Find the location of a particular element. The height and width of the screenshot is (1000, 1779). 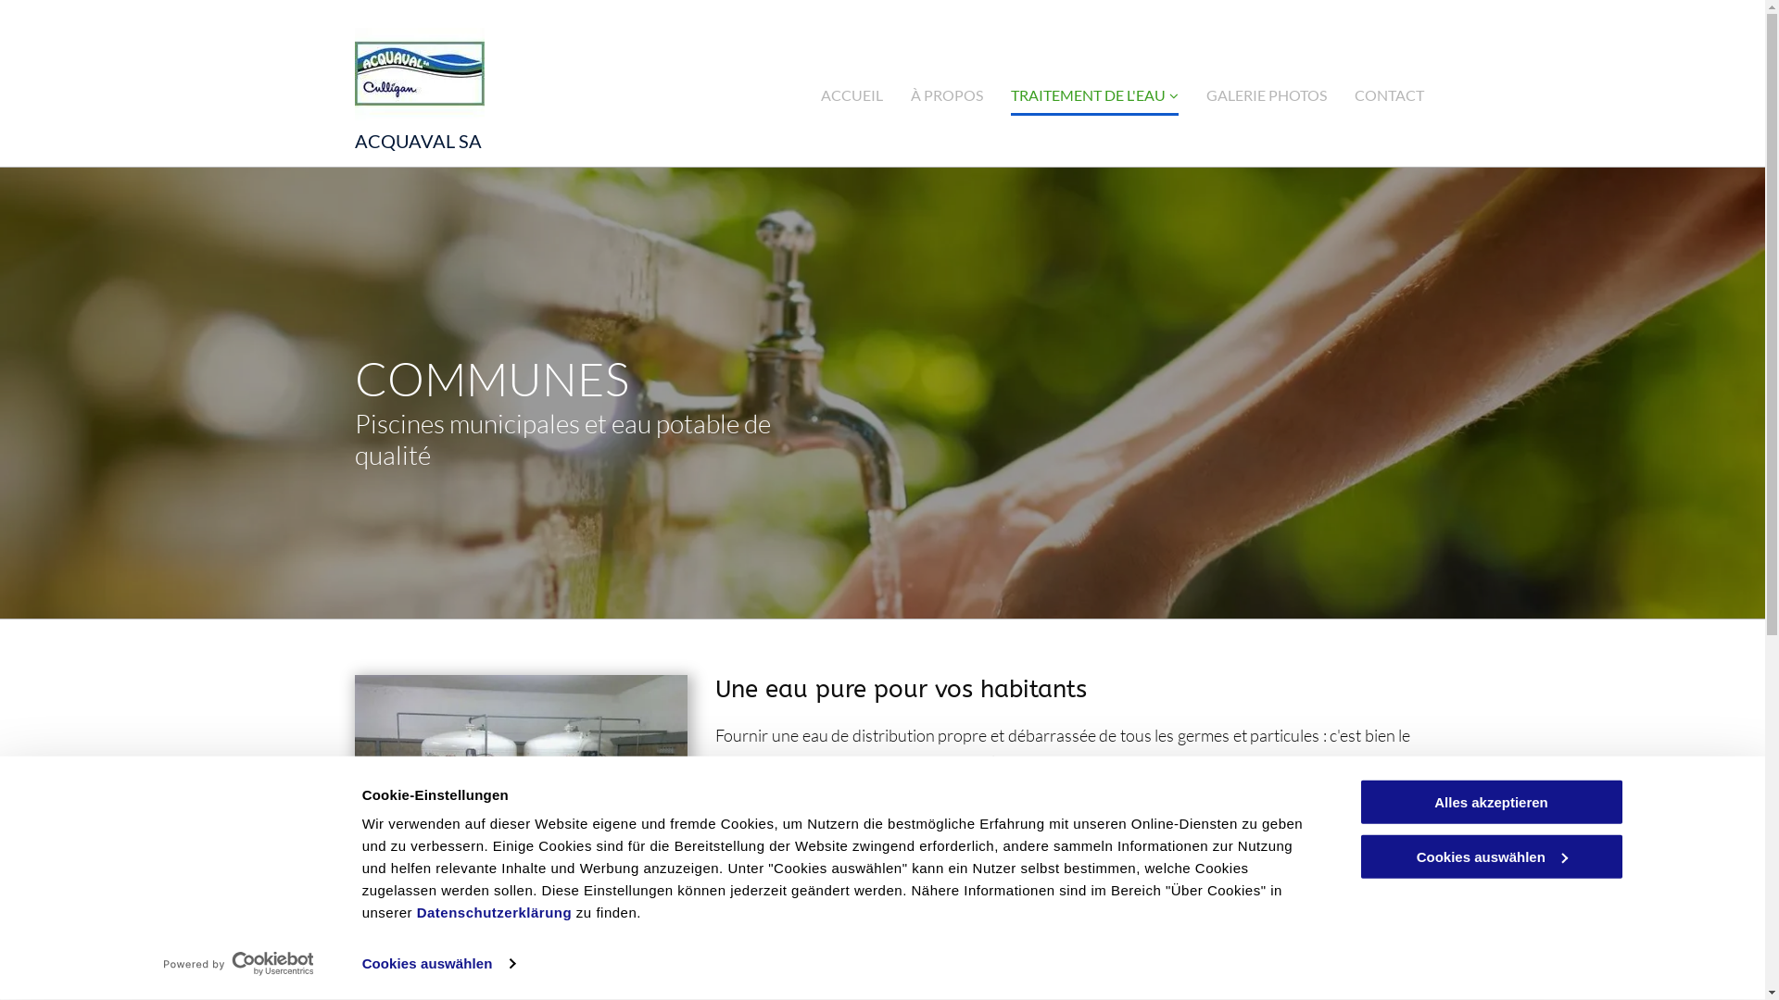

'GALERIE PHOTOS' is located at coordinates (1266, 94).